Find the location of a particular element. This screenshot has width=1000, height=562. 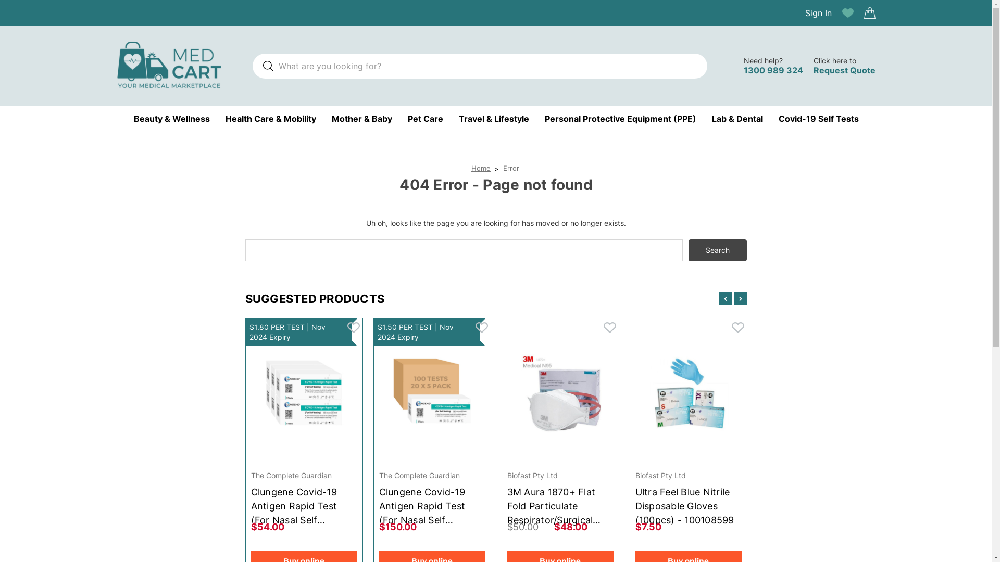

'Health Care & Mobility' is located at coordinates (270, 118).